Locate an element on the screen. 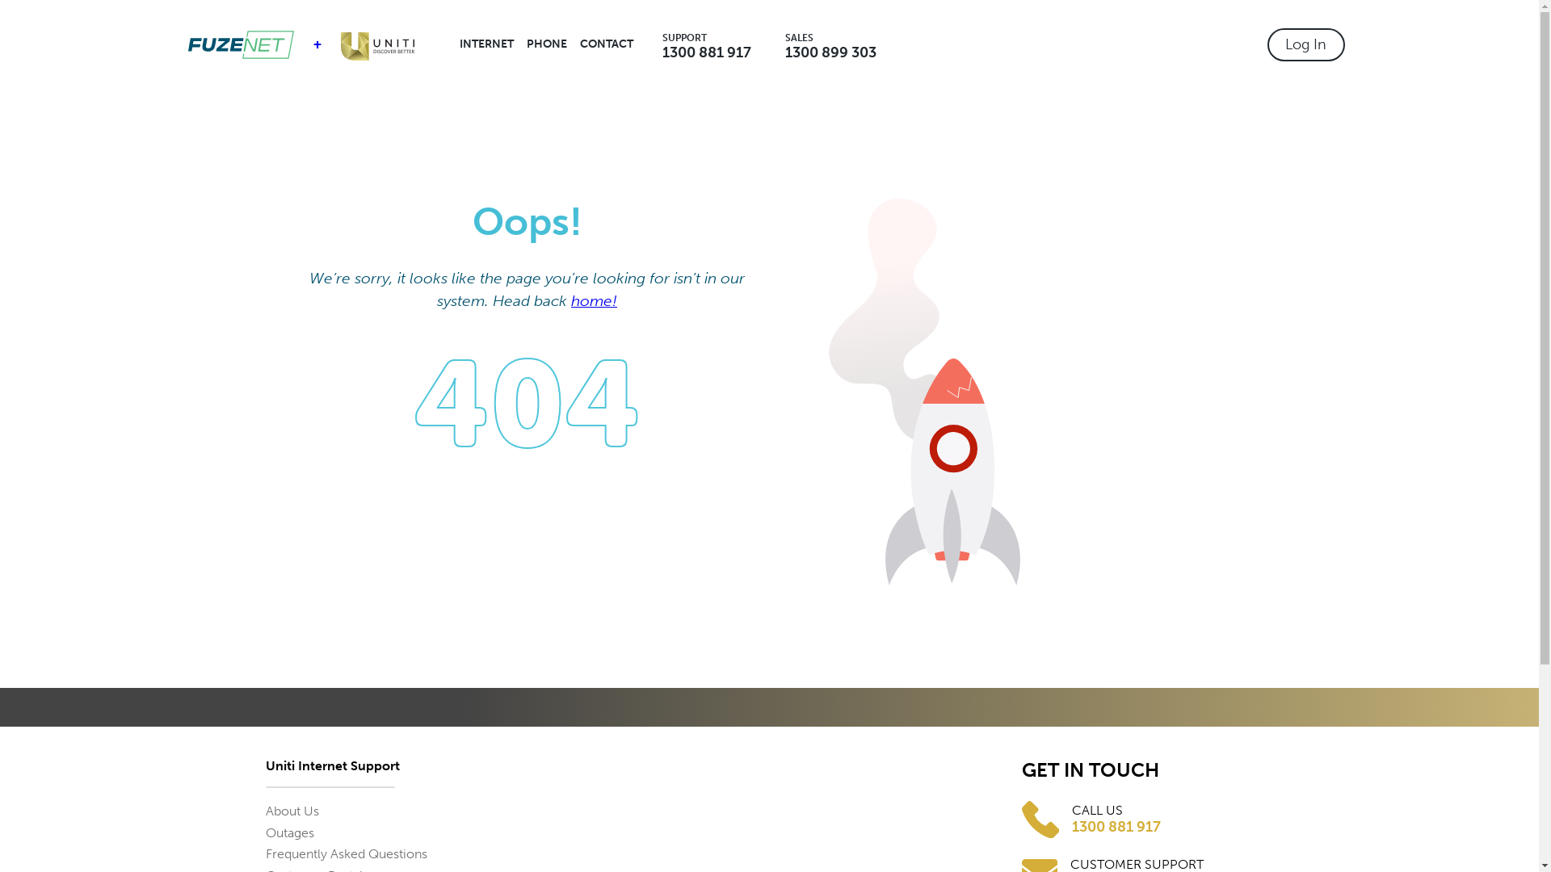 The height and width of the screenshot is (872, 1551). '1300 899 303' is located at coordinates (830, 52).